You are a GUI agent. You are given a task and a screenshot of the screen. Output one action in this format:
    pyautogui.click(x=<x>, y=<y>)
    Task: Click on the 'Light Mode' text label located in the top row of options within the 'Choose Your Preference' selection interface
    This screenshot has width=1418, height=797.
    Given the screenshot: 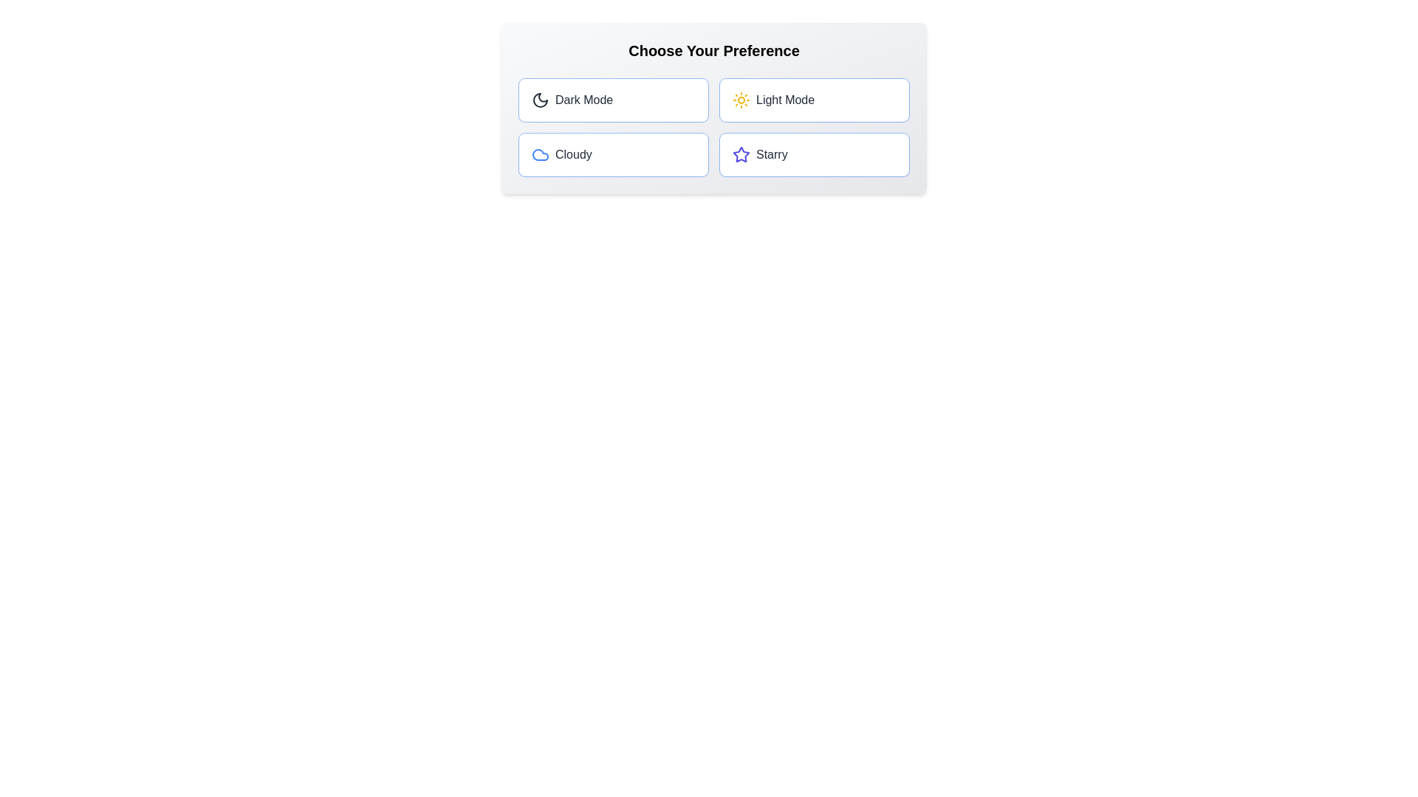 What is the action you would take?
    pyautogui.click(x=784, y=100)
    